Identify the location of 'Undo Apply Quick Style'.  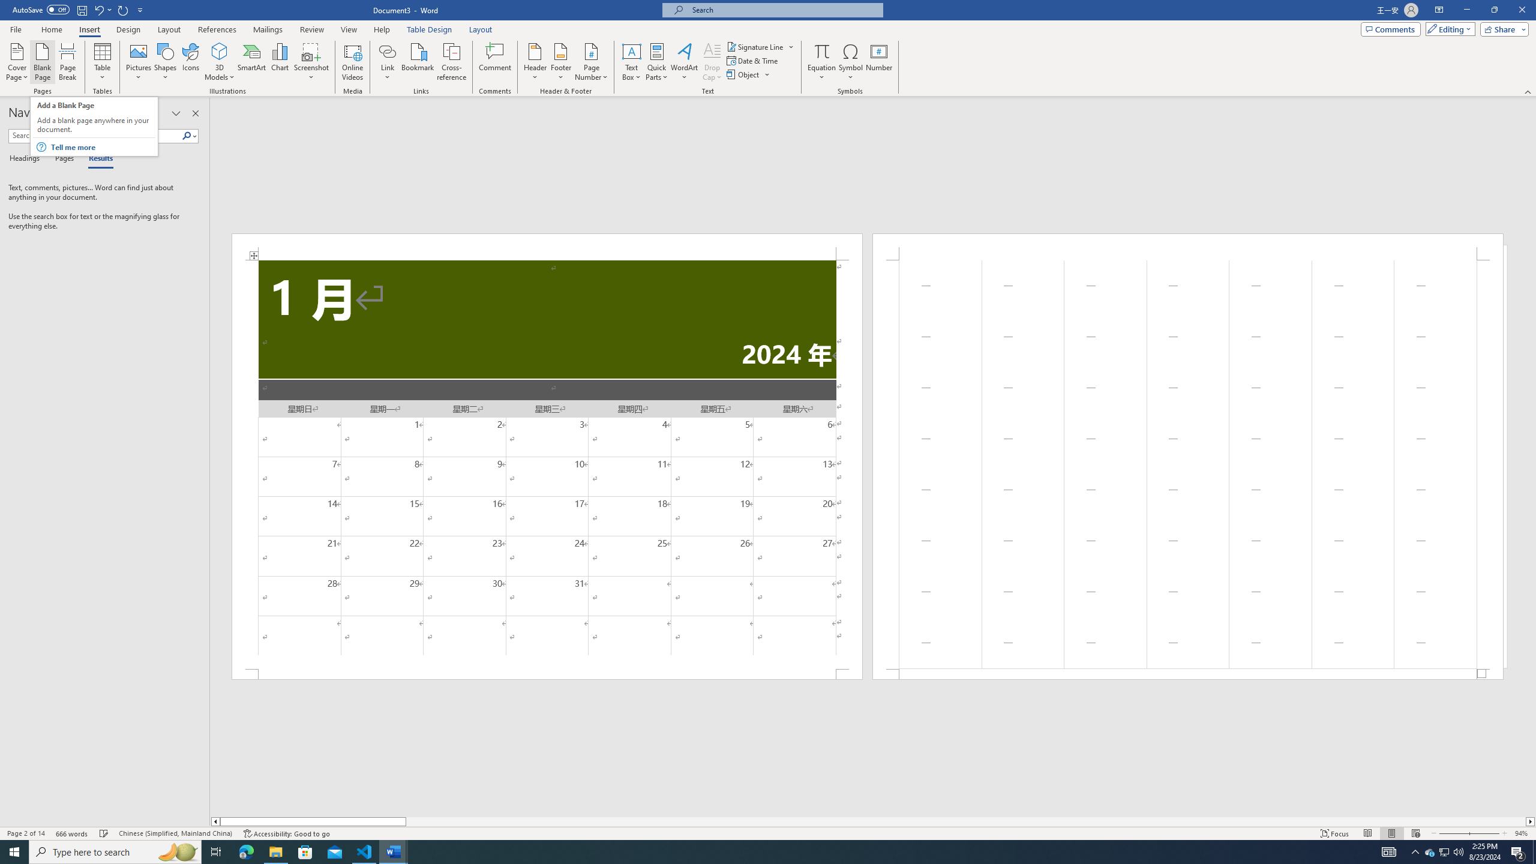
(102, 9).